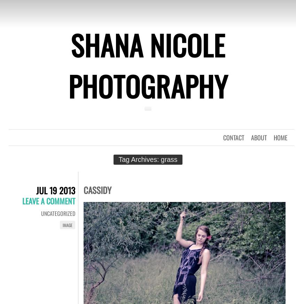 The image size is (296, 304). What do you see at coordinates (148, 65) in the screenshot?
I see `'Shana Nicole Photography'` at bounding box center [148, 65].